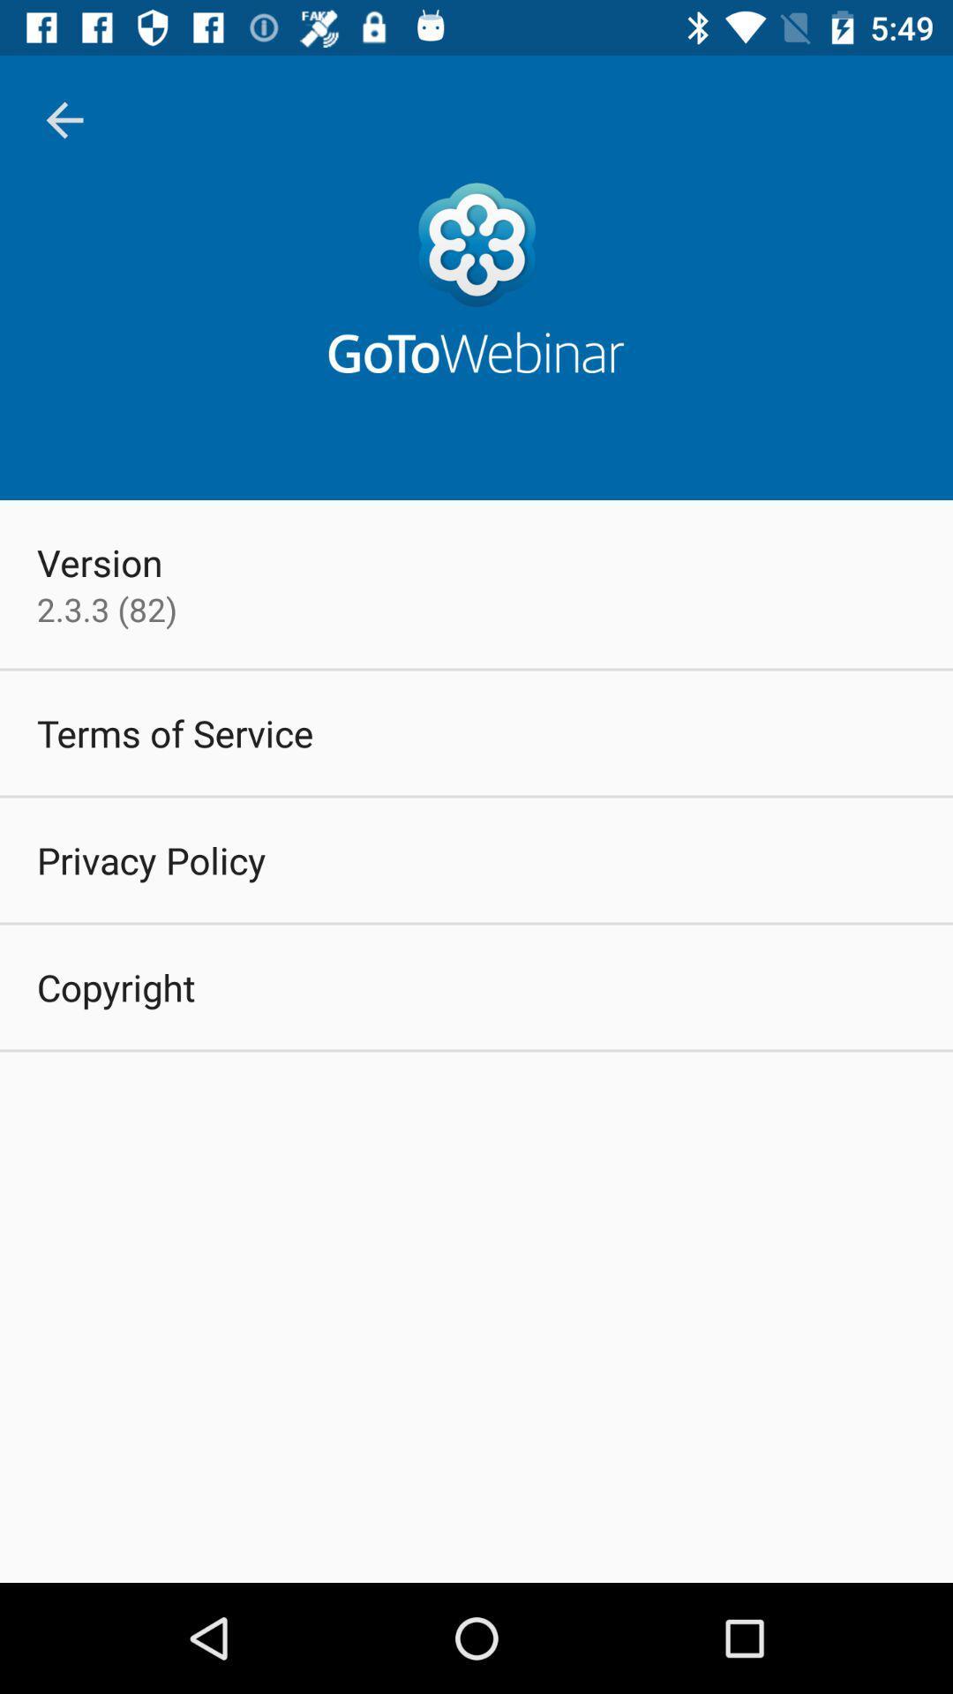 Image resolution: width=953 pixels, height=1694 pixels. What do you see at coordinates (100, 561) in the screenshot?
I see `the version icon` at bounding box center [100, 561].